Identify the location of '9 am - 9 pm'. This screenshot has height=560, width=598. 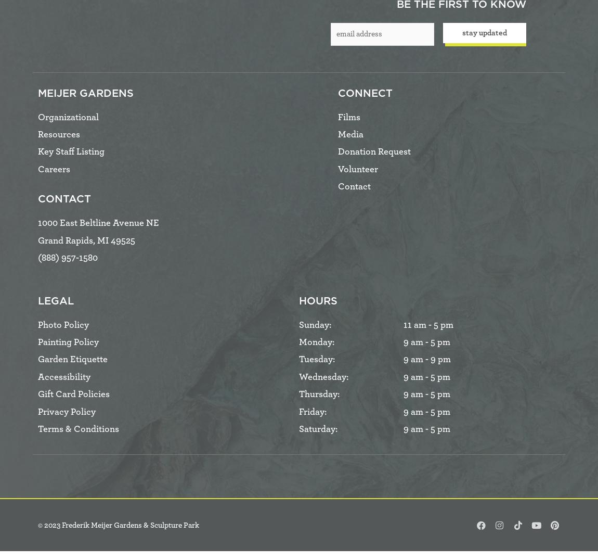
(426, 360).